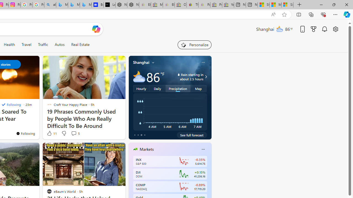 The height and width of the screenshot is (198, 353). What do you see at coordinates (153, 62) in the screenshot?
I see `'My location'` at bounding box center [153, 62].